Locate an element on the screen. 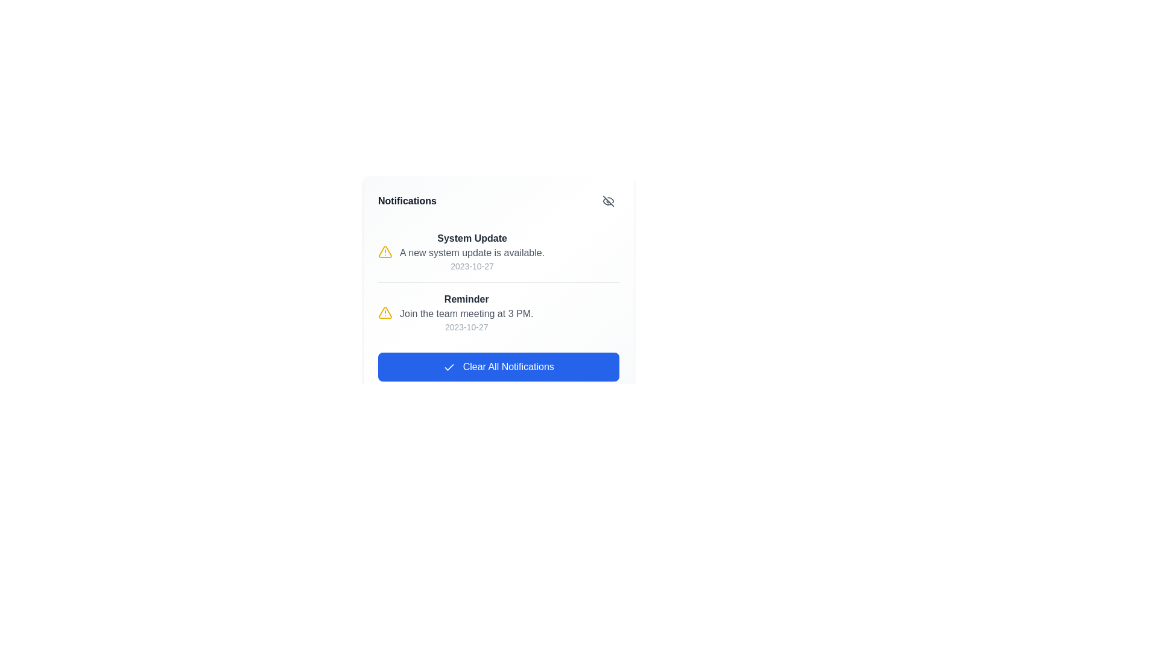 The image size is (1158, 651). the Text label displaying the message about the team meeting scheduled at 3 PM, located in the notifications panel below the 'Reminder' heading is located at coordinates (466, 313).